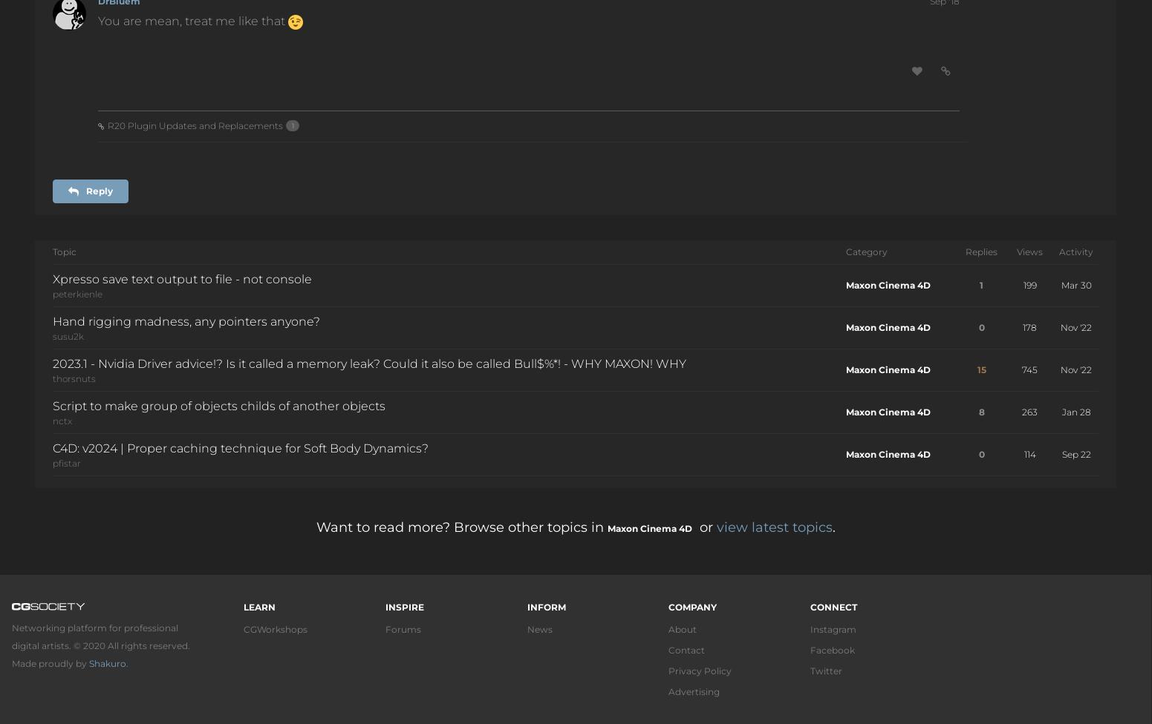 The image size is (1152, 724). I want to click on 'Want to read more? Browse other topics in', so click(461, 527).